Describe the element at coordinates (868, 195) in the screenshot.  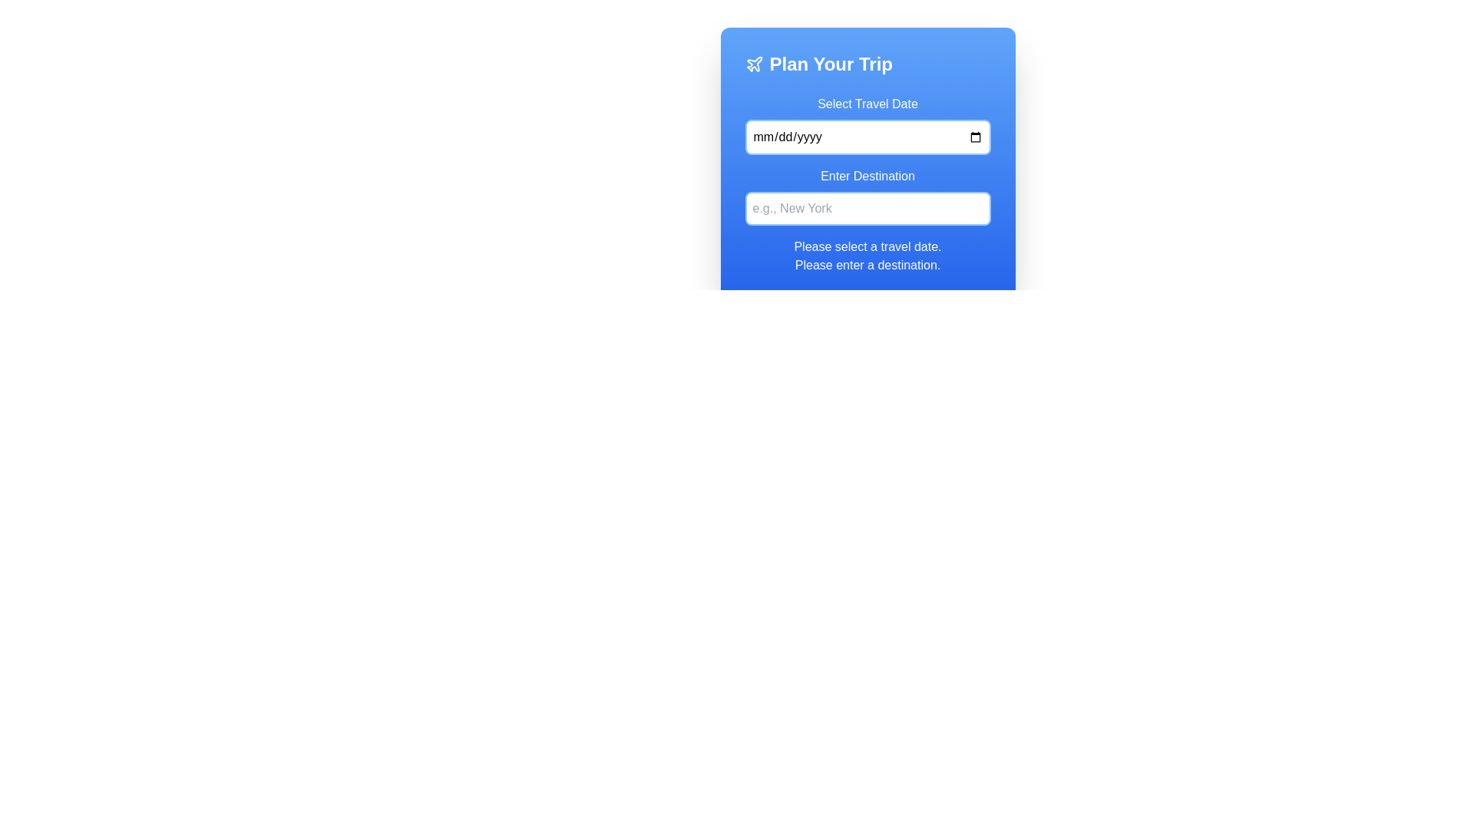
I see `the text input field labeled 'Enter Destination' with a light blue border to select the placeholder text 'e.g., New York'` at that location.